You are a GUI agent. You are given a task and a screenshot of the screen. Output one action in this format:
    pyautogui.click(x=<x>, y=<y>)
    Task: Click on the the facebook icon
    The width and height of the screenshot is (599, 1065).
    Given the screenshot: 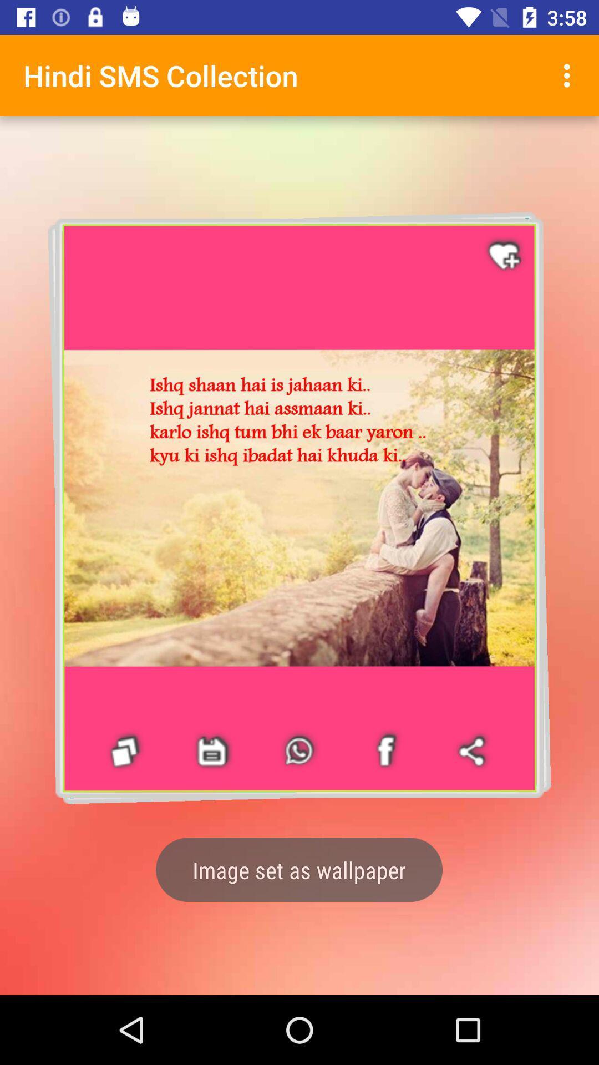 What is the action you would take?
    pyautogui.click(x=131, y=755)
    